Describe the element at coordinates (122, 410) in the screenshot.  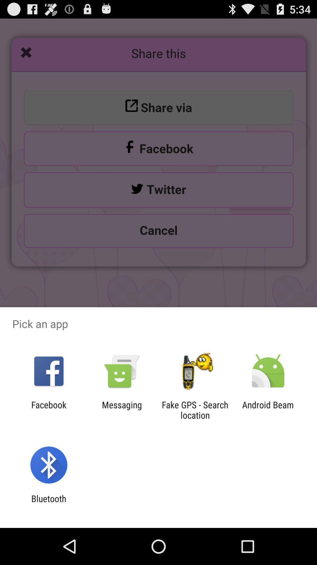
I see `app to the left of the fake gps search app` at that location.